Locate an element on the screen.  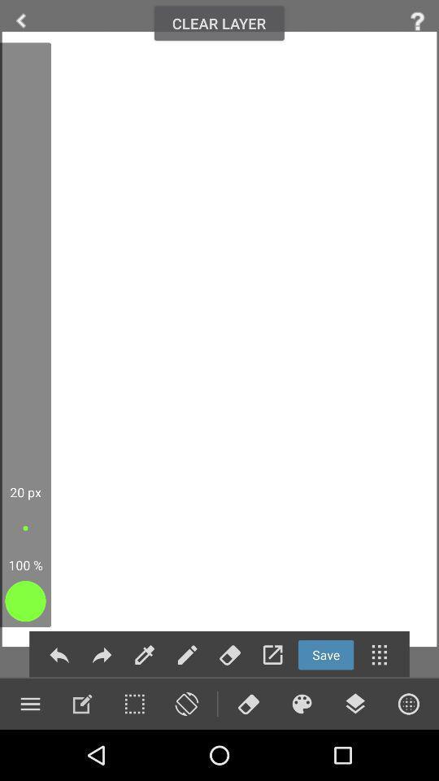
show color options is located at coordinates (301, 703).